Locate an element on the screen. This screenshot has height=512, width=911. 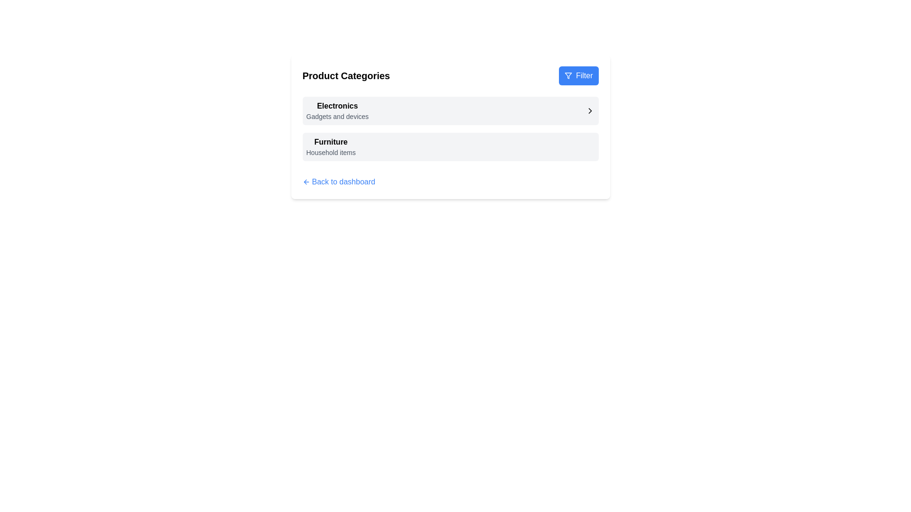
the bold text label displaying 'Furniture' is located at coordinates (331, 142).